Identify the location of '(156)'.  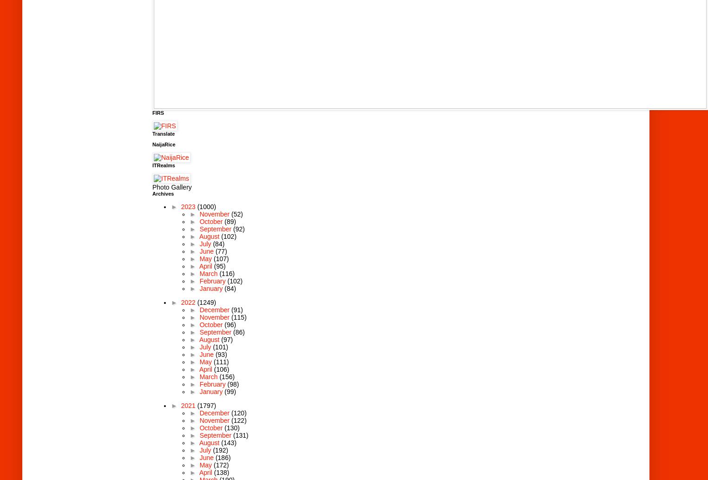
(227, 376).